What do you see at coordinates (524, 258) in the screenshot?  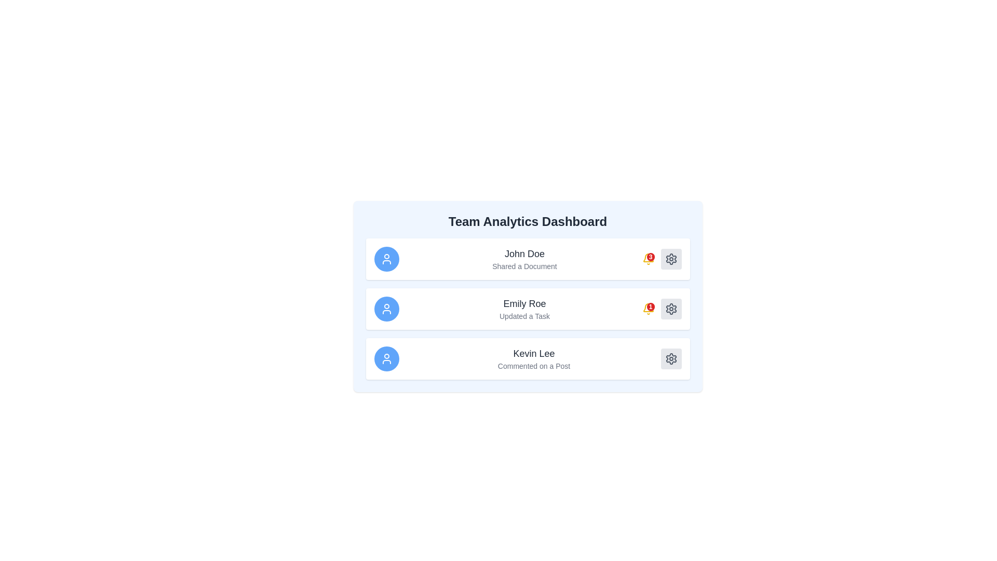 I see `textual content block displaying 'John Doe' and 'Shared a Document' located in the second panel of the vertical list, positioned between a circular blue icon and a notification indicator` at bounding box center [524, 258].